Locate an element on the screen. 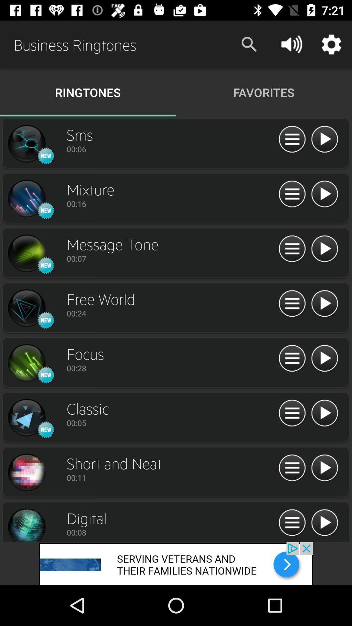 The image size is (352, 626). tone is located at coordinates (26, 198).